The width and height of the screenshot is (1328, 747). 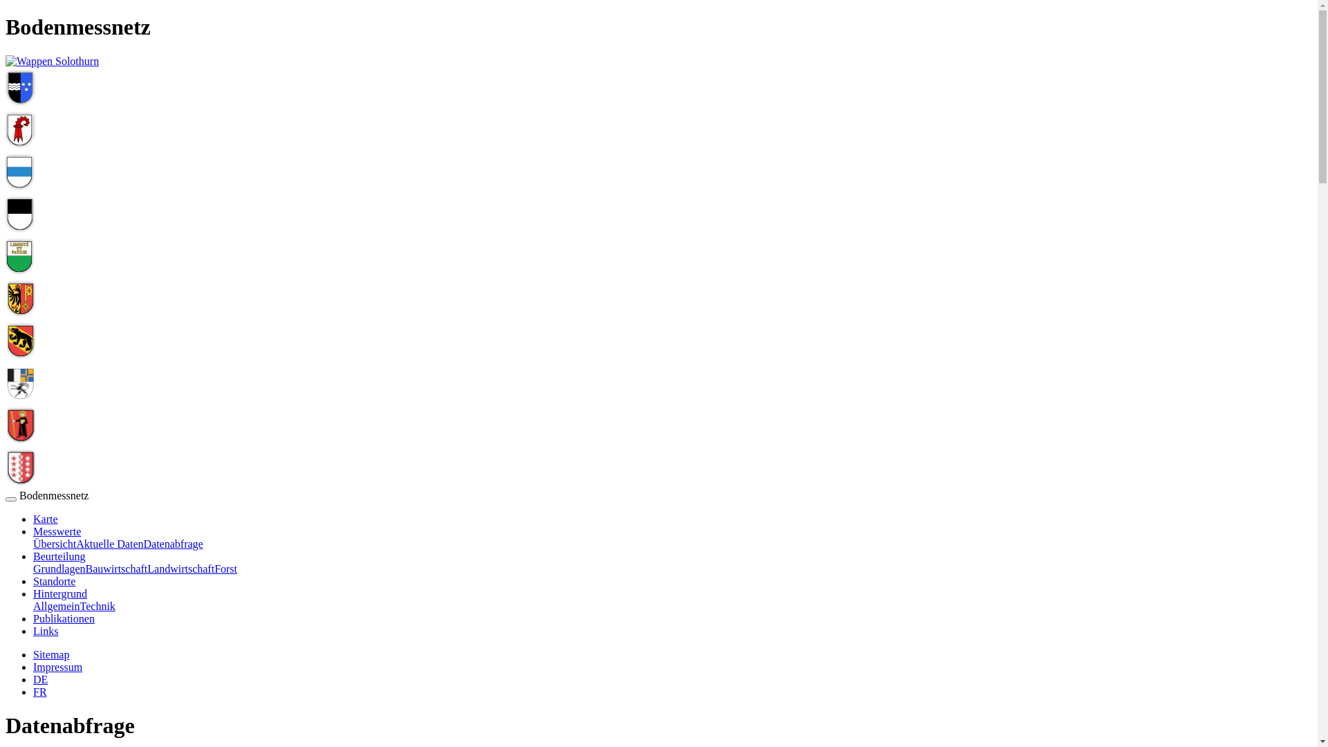 I want to click on 'Standorte', so click(x=54, y=581).